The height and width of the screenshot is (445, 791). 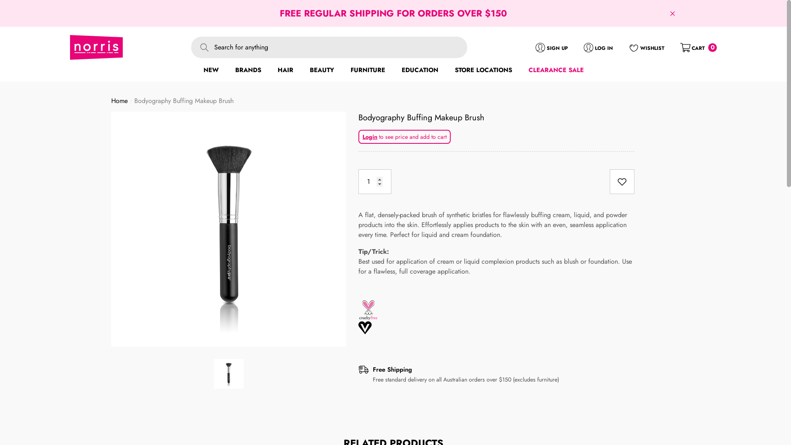 What do you see at coordinates (628, 47) in the screenshot?
I see `'WISHLIST'` at bounding box center [628, 47].